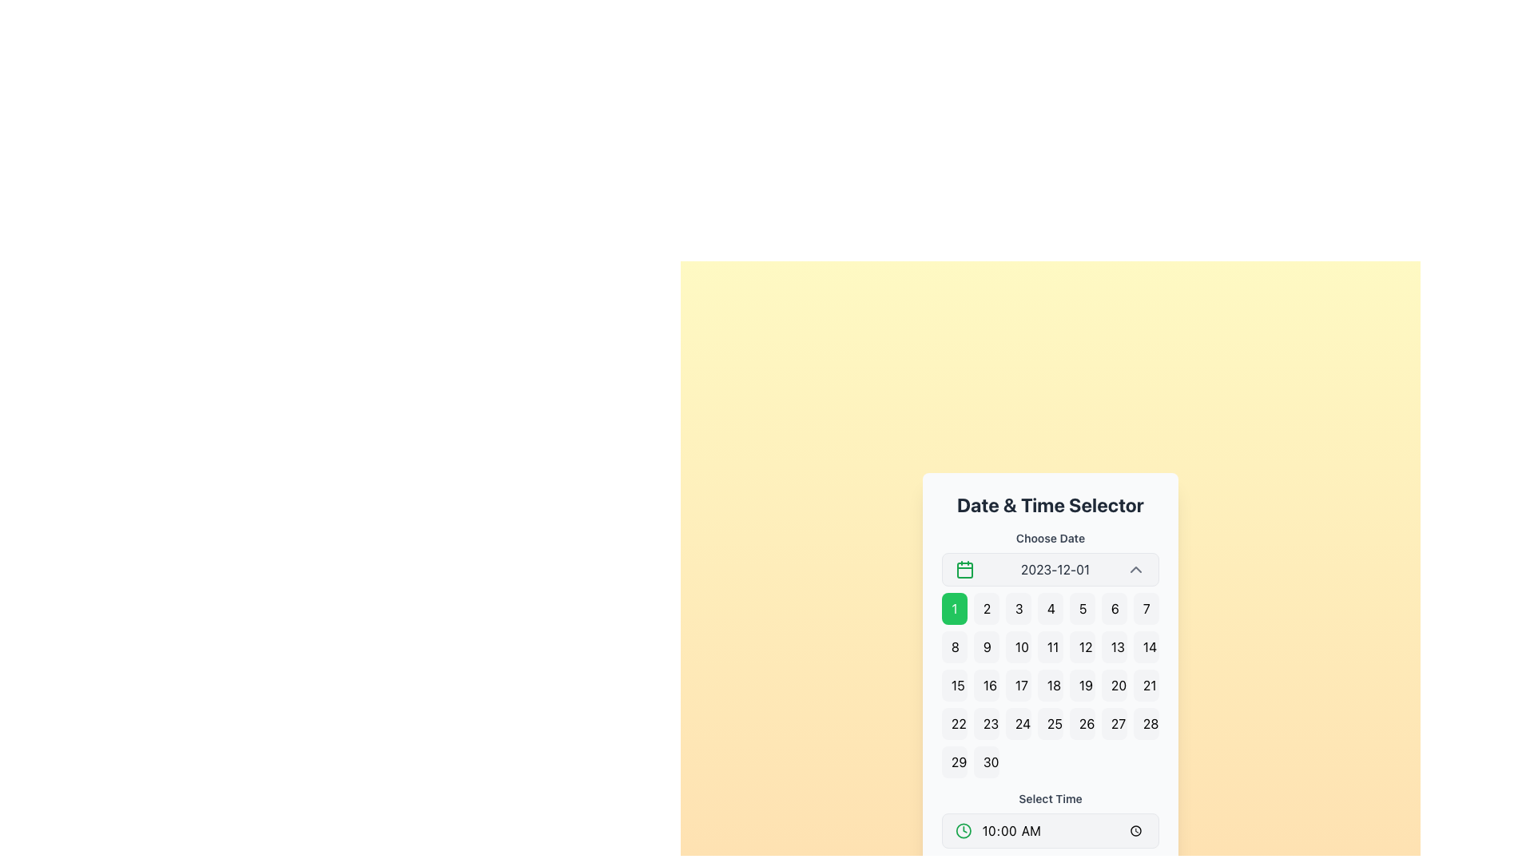 The image size is (1534, 863). I want to click on the button displaying the number '4' in the calendar grid, so click(1051, 609).